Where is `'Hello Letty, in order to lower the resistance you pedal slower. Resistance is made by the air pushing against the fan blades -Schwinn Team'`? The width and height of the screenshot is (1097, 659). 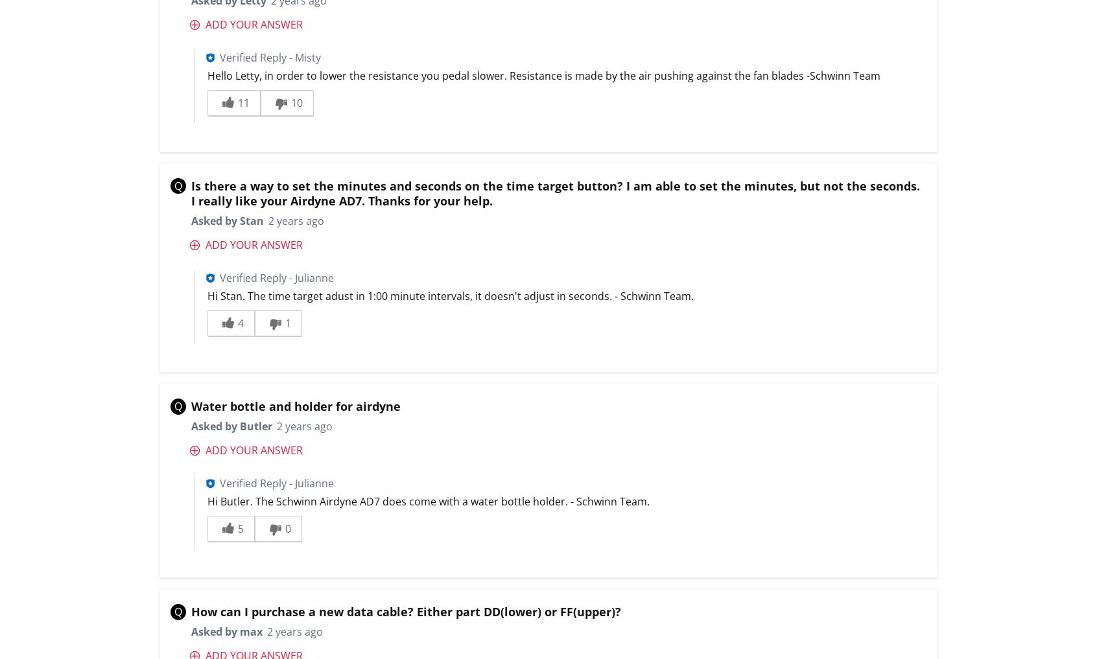
'Hello Letty, in order to lower the resistance you pedal slower. Resistance is made by the air pushing against the fan blades -Schwinn Team' is located at coordinates (544, 75).